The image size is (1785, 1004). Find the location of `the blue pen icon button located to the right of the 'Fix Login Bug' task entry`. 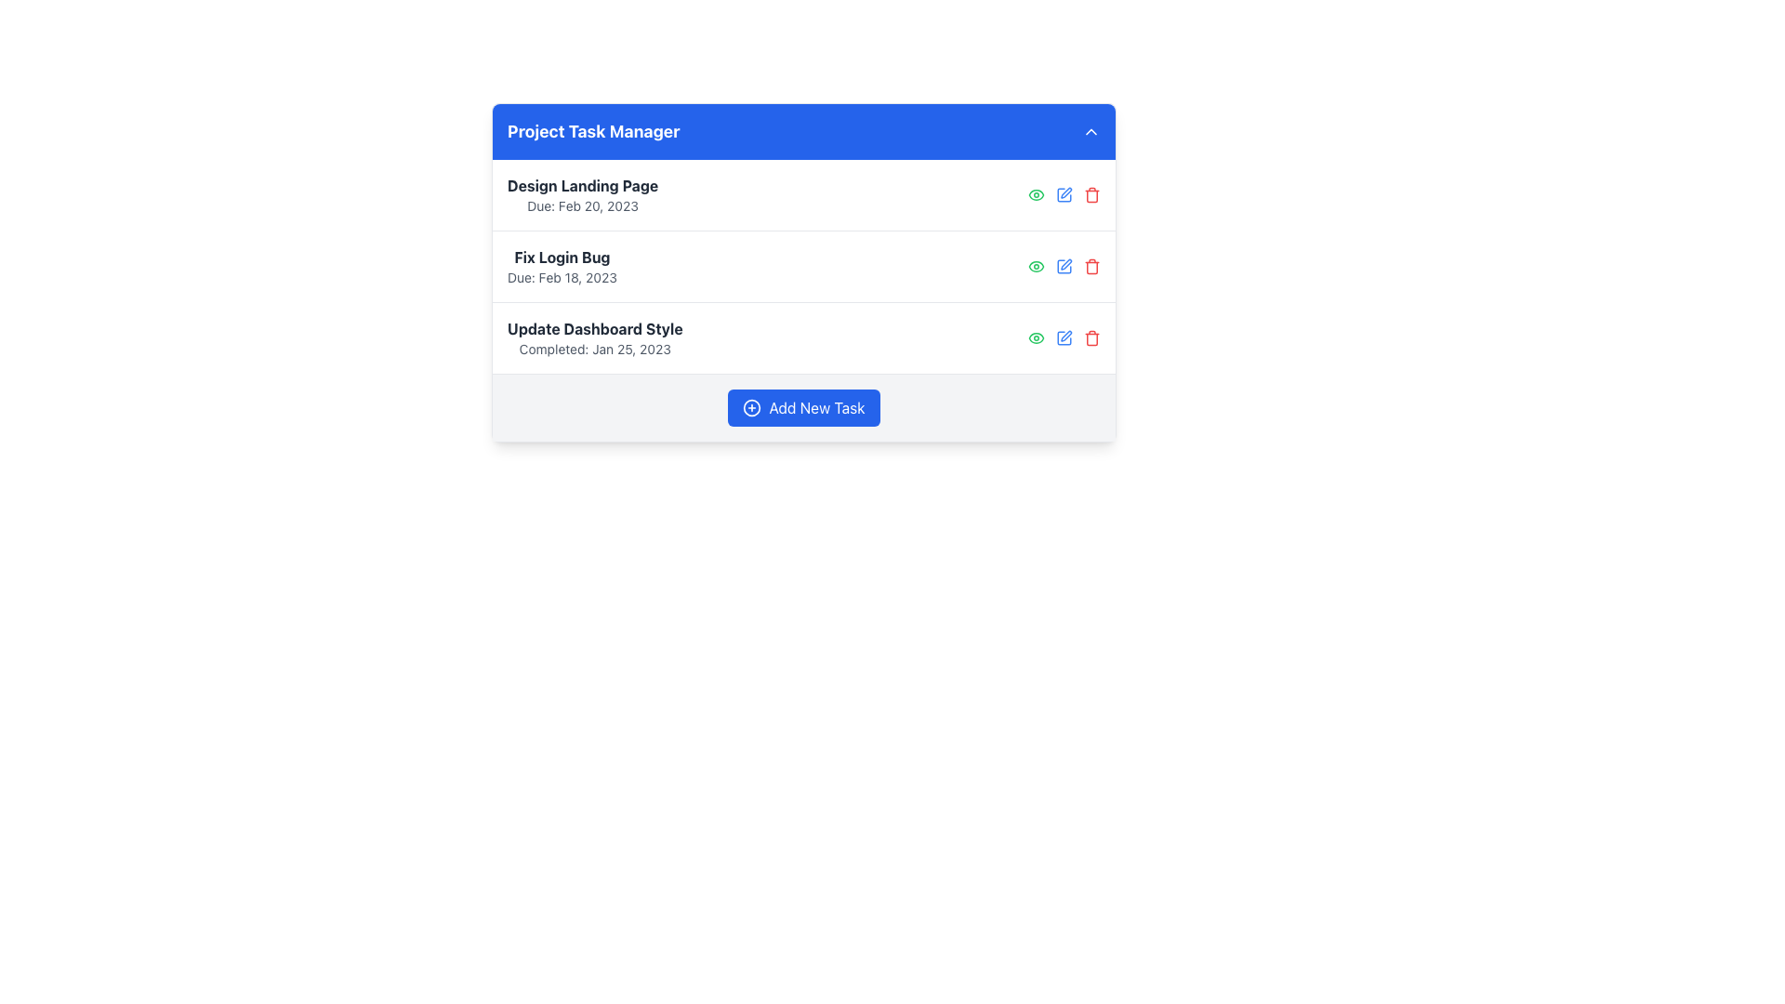

the blue pen icon button located to the right of the 'Fix Login Bug' task entry is located at coordinates (1066, 192).